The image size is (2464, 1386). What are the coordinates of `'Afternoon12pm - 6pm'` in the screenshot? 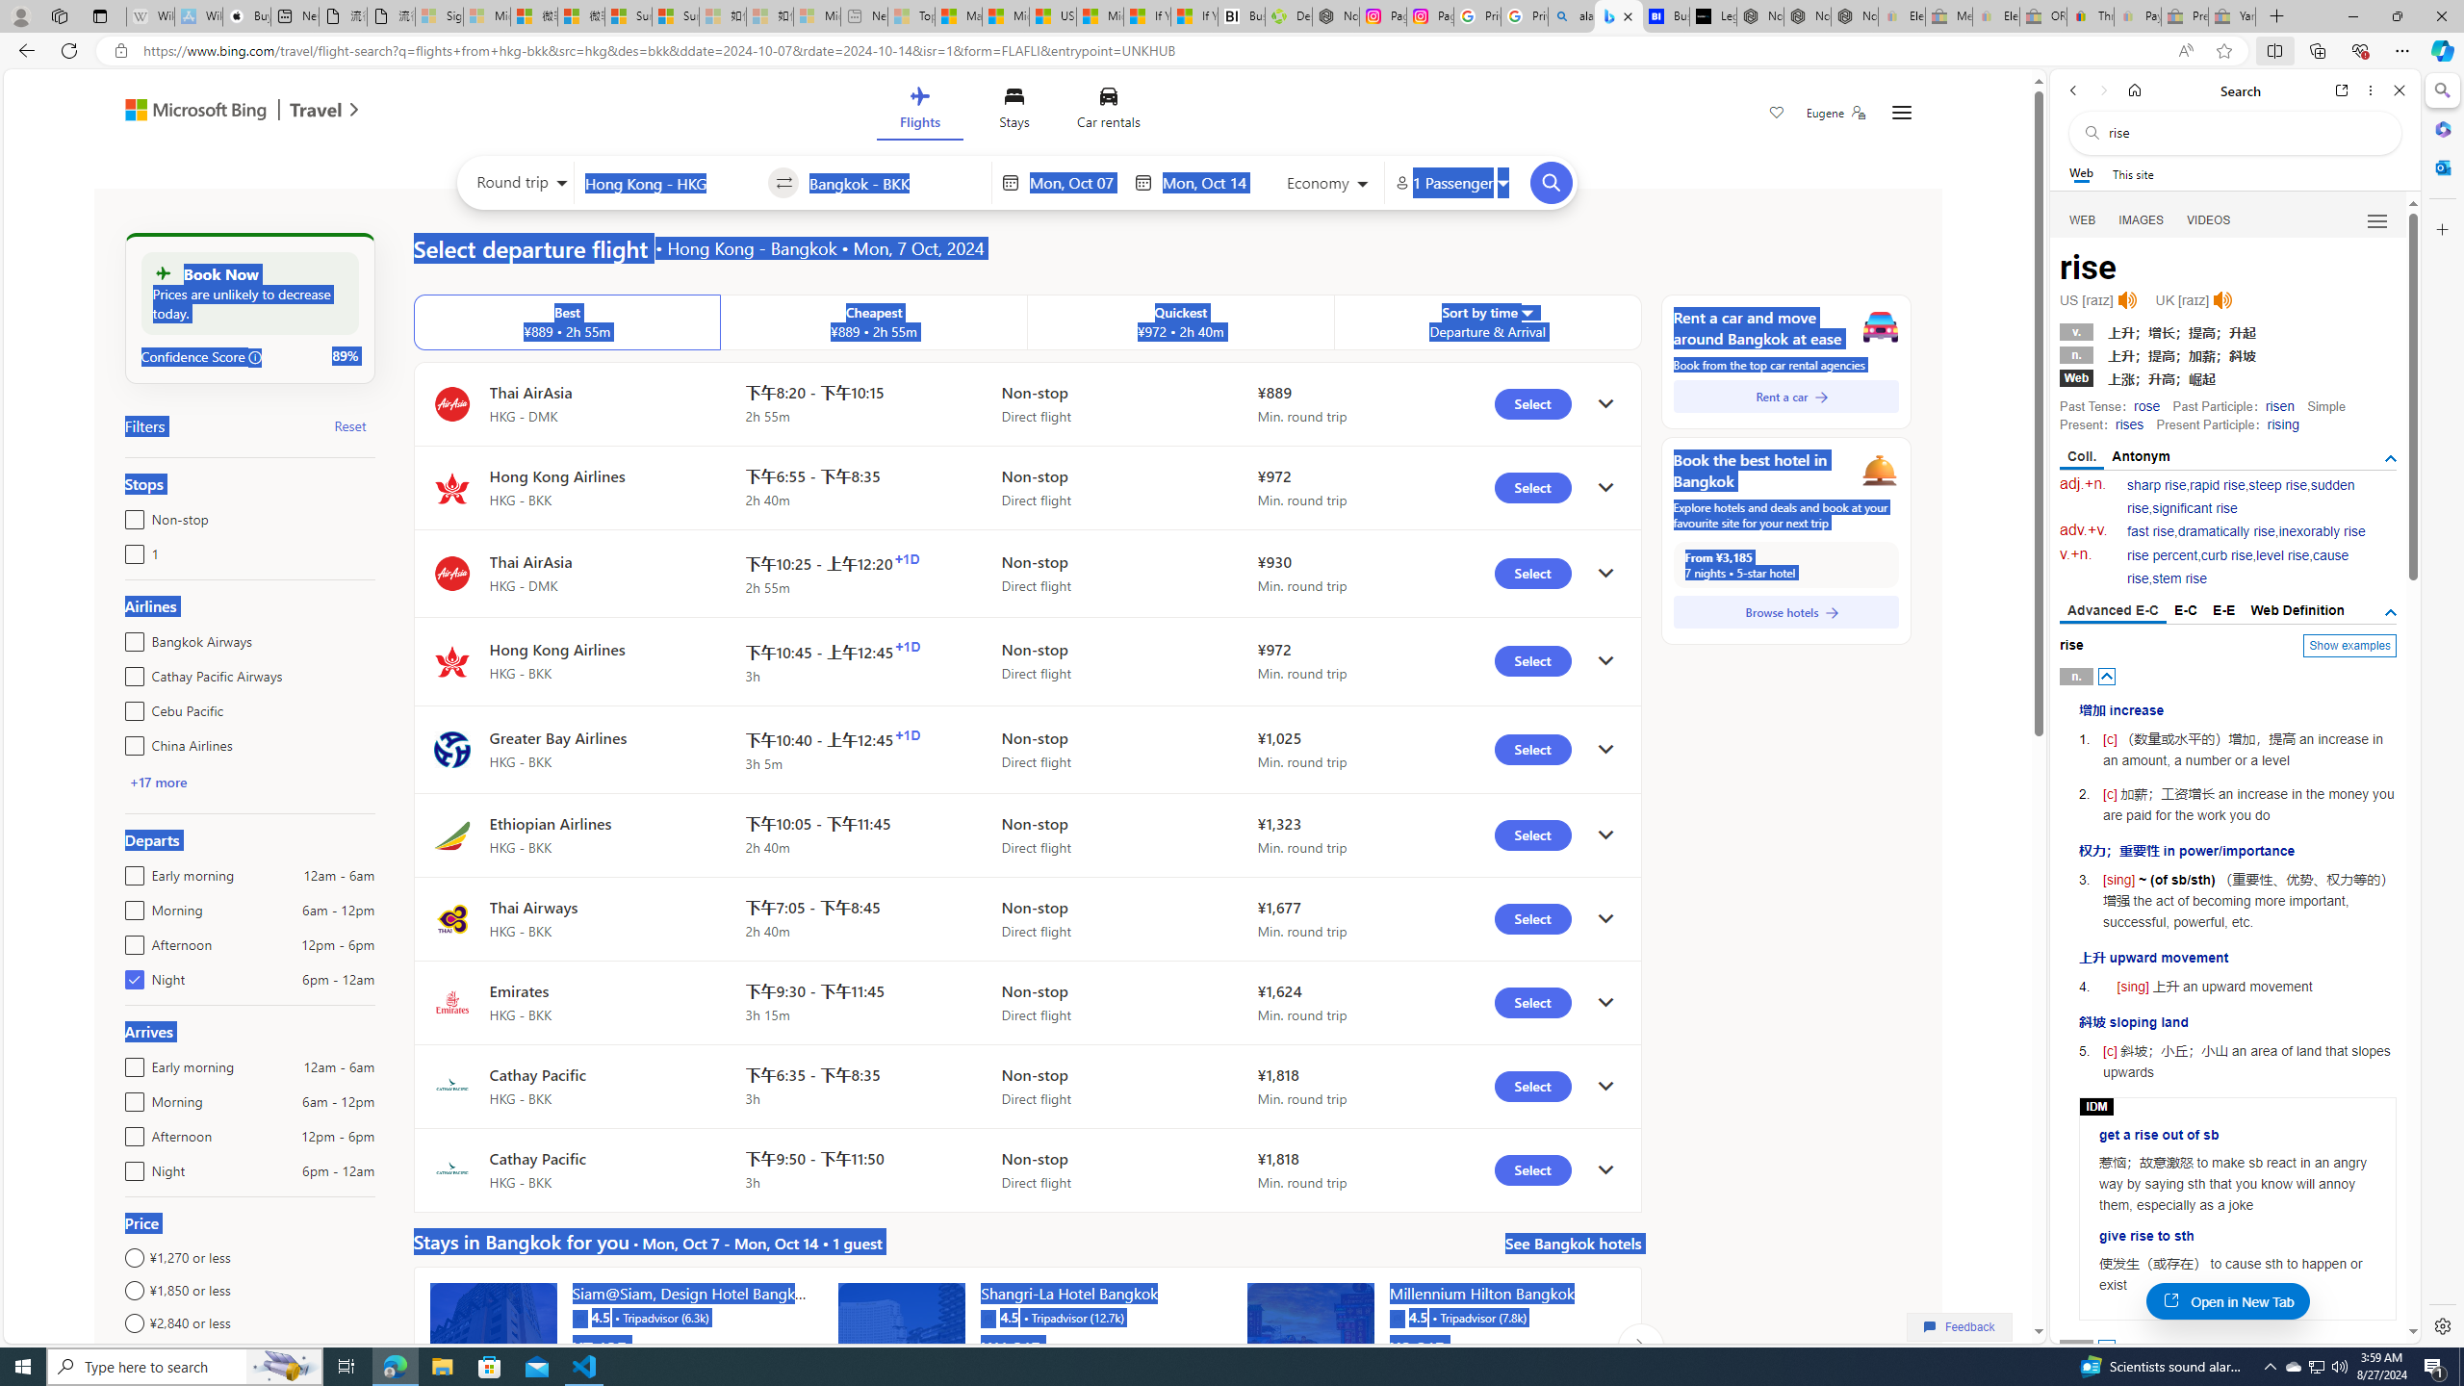 It's located at (129, 1131).